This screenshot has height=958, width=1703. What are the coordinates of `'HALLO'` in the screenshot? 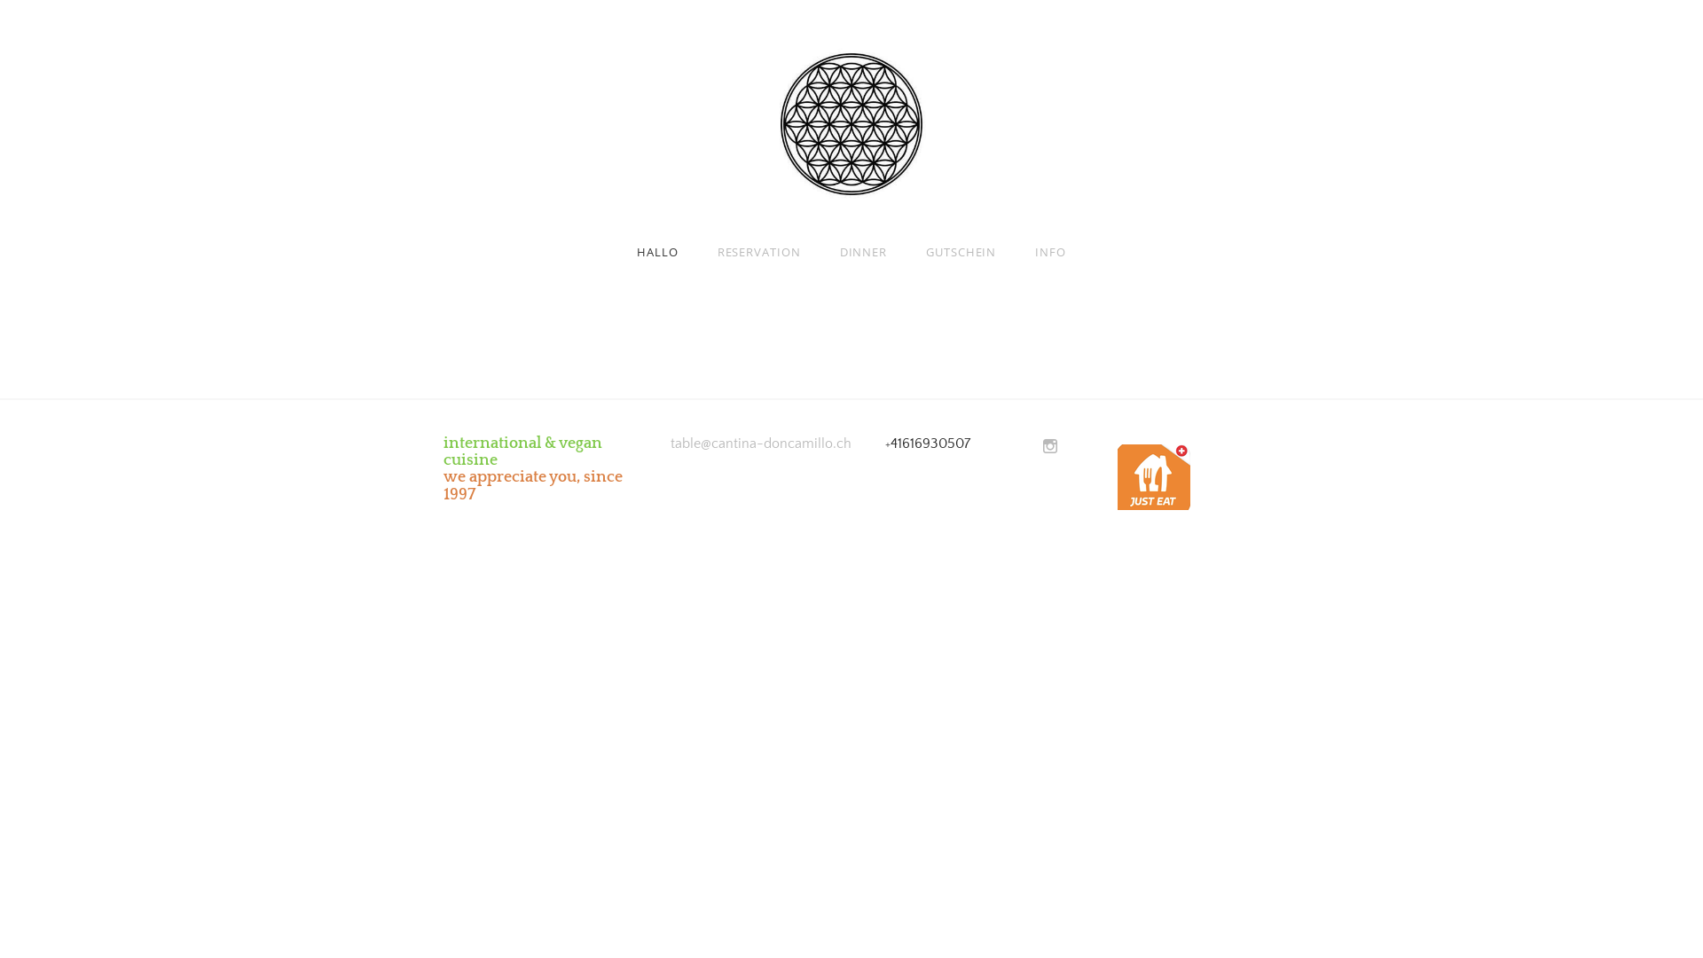 It's located at (656, 252).